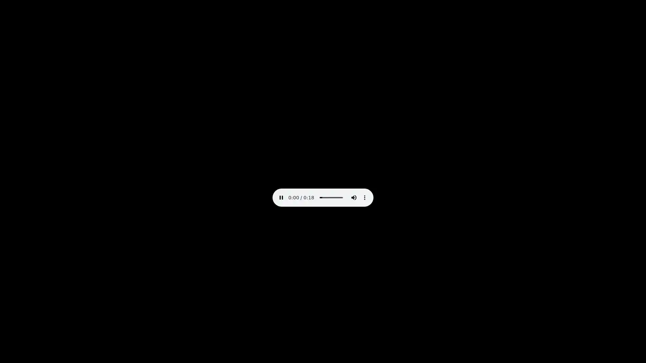 The width and height of the screenshot is (646, 363). Describe the element at coordinates (353, 197) in the screenshot. I see `mute` at that location.